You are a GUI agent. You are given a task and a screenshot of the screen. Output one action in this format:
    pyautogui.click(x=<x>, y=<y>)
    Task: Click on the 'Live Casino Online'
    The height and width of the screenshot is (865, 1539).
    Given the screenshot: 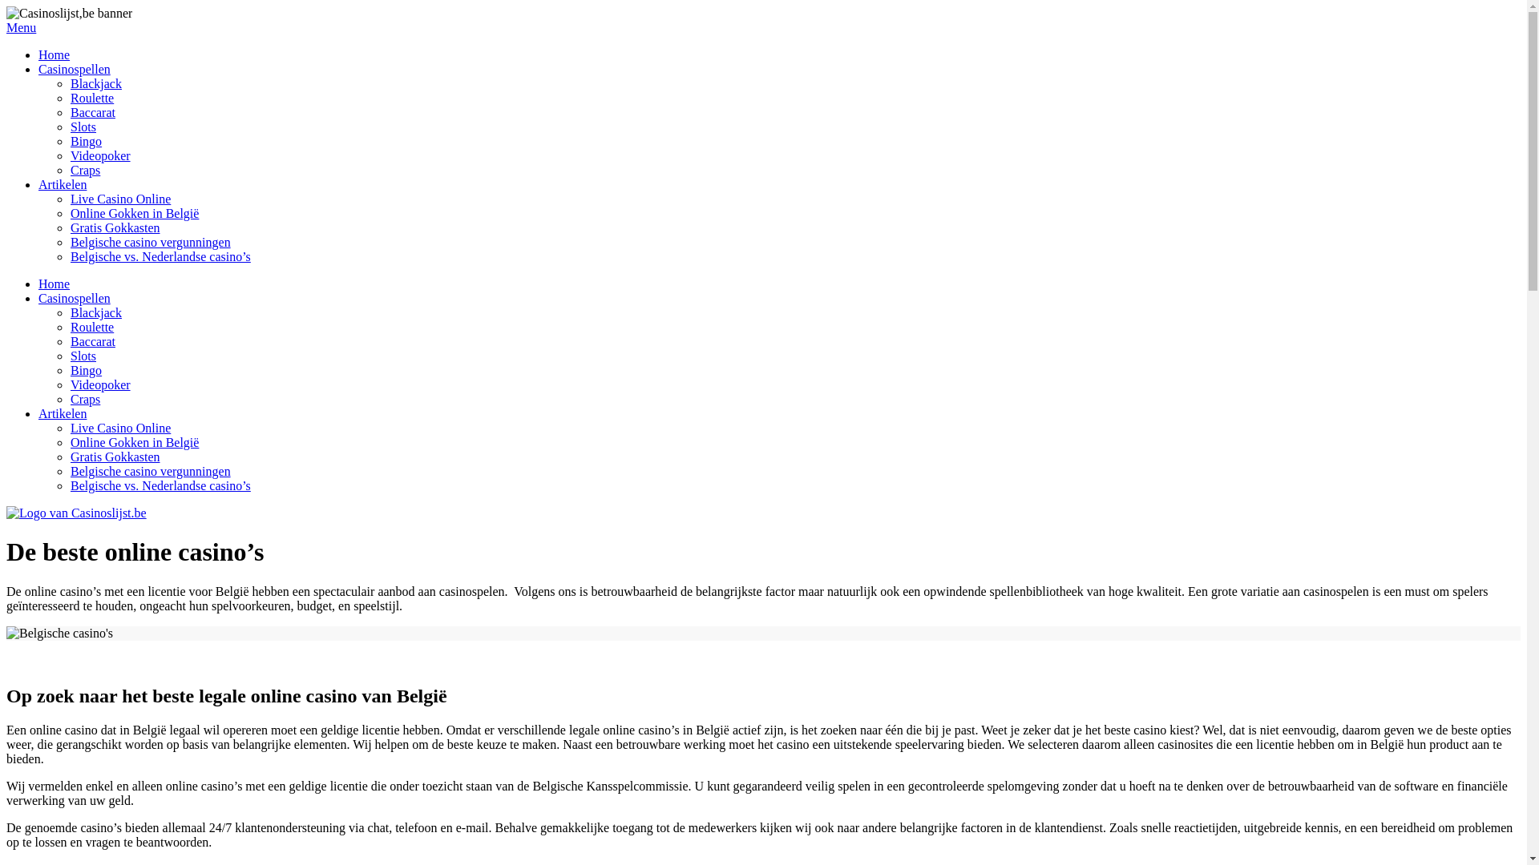 What is the action you would take?
    pyautogui.click(x=69, y=198)
    